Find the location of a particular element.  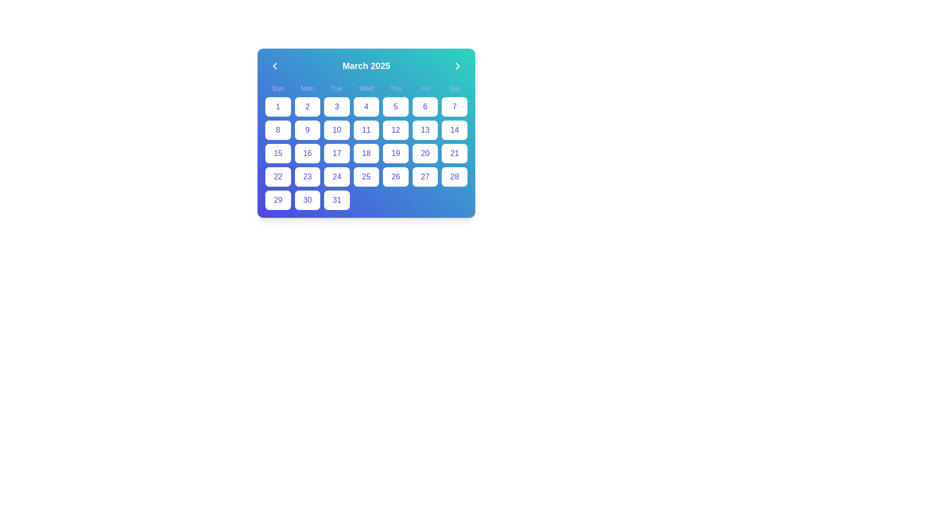

the calendar day cell displaying the number '21' in indigo text, located in the fourth row and seventh column of the calendar grid is located at coordinates (454, 153).